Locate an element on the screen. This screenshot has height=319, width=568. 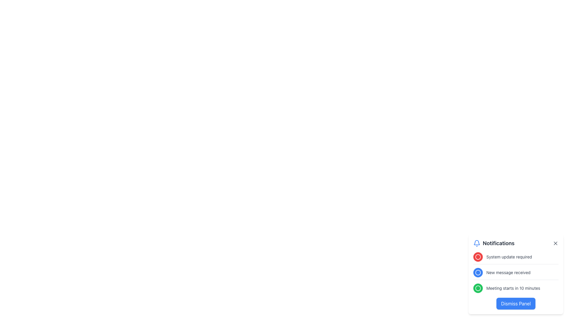
the notification icon button that indicates urgency, located to the left of the text 'System update required' is located at coordinates (478, 257).